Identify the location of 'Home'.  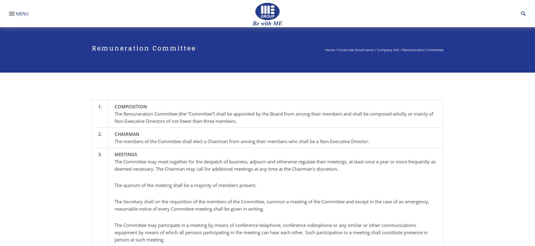
(329, 49).